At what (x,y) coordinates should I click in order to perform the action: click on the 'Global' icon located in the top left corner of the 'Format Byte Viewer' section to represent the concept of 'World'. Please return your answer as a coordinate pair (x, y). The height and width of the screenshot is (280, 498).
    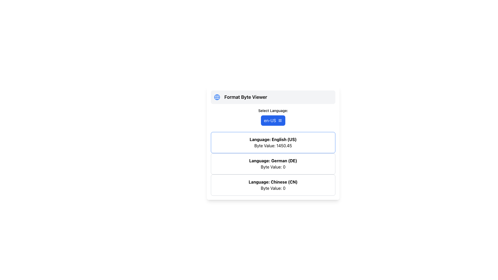
    Looking at the image, I should click on (217, 97).